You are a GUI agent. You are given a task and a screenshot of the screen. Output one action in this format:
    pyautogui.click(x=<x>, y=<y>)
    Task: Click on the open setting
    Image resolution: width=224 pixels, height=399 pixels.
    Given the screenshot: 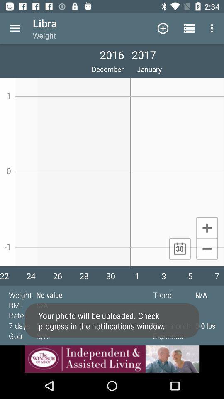 What is the action you would take?
    pyautogui.click(x=15, y=28)
    